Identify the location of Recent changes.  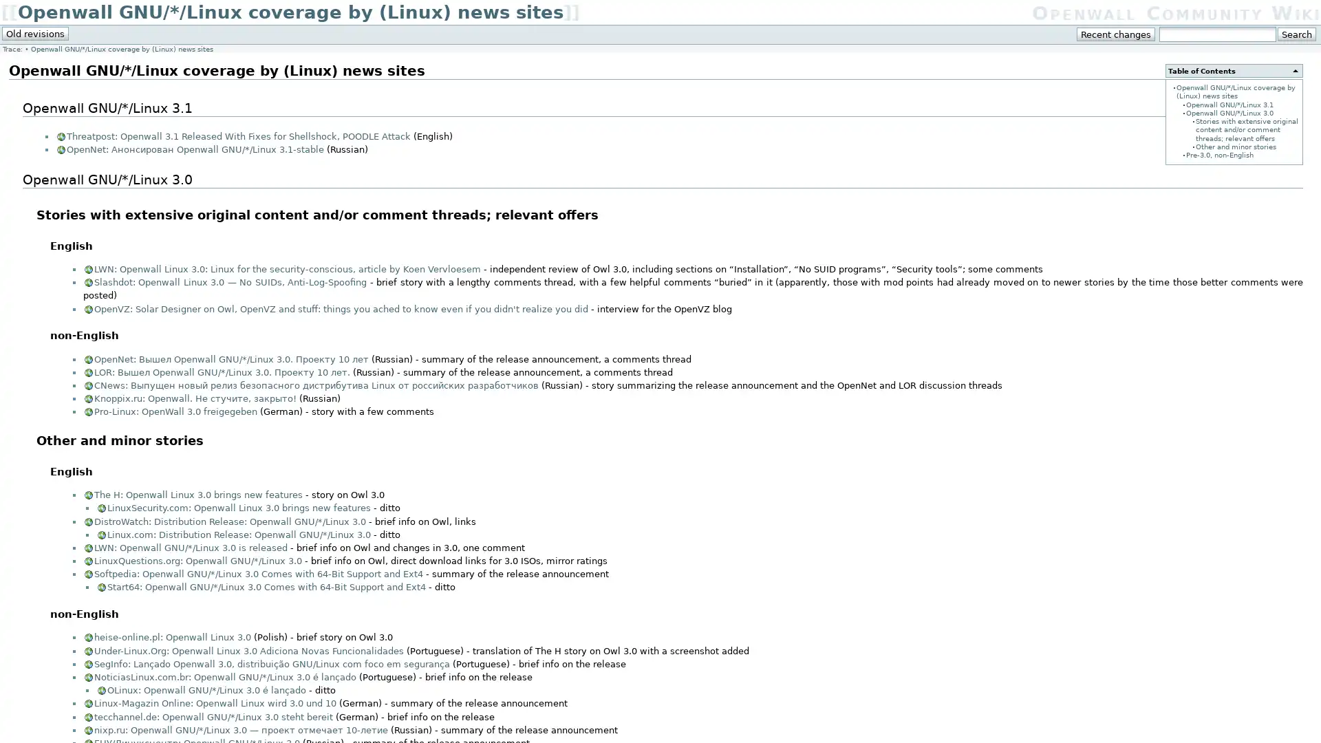
(1116, 34).